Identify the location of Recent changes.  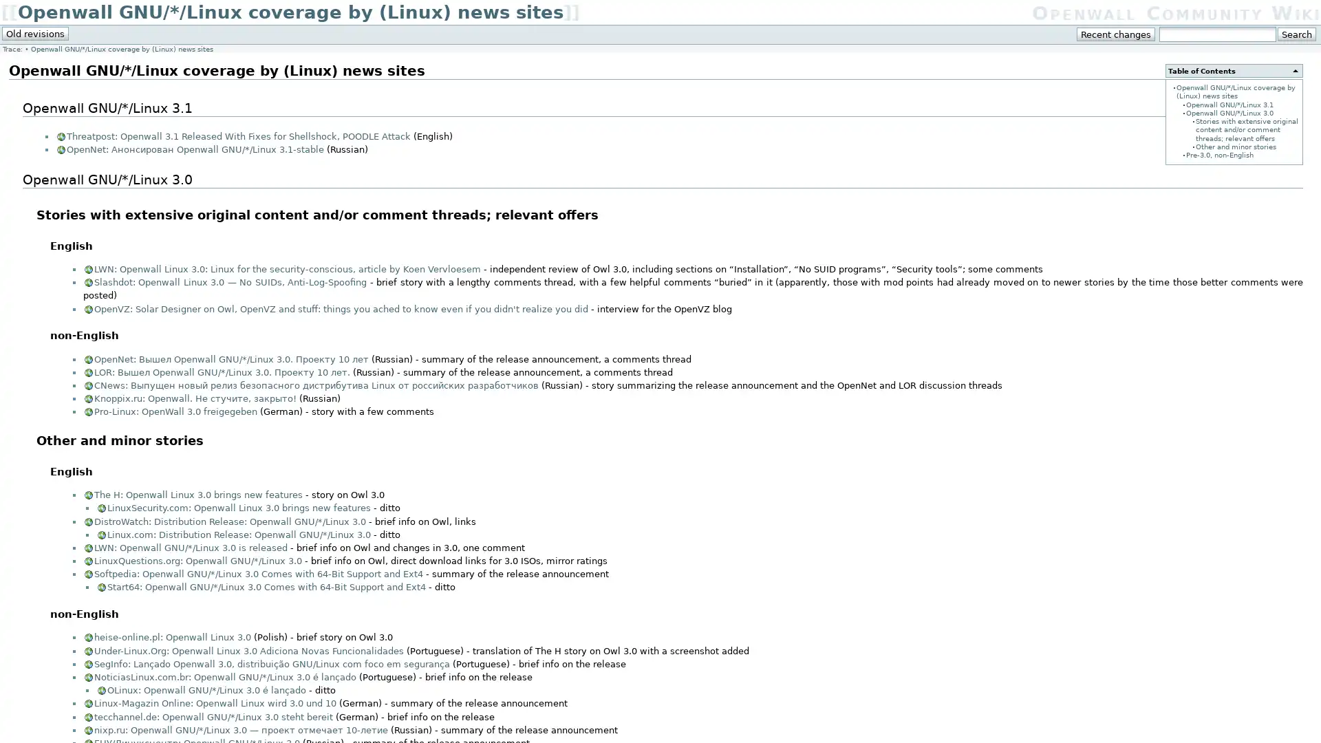
(1116, 34).